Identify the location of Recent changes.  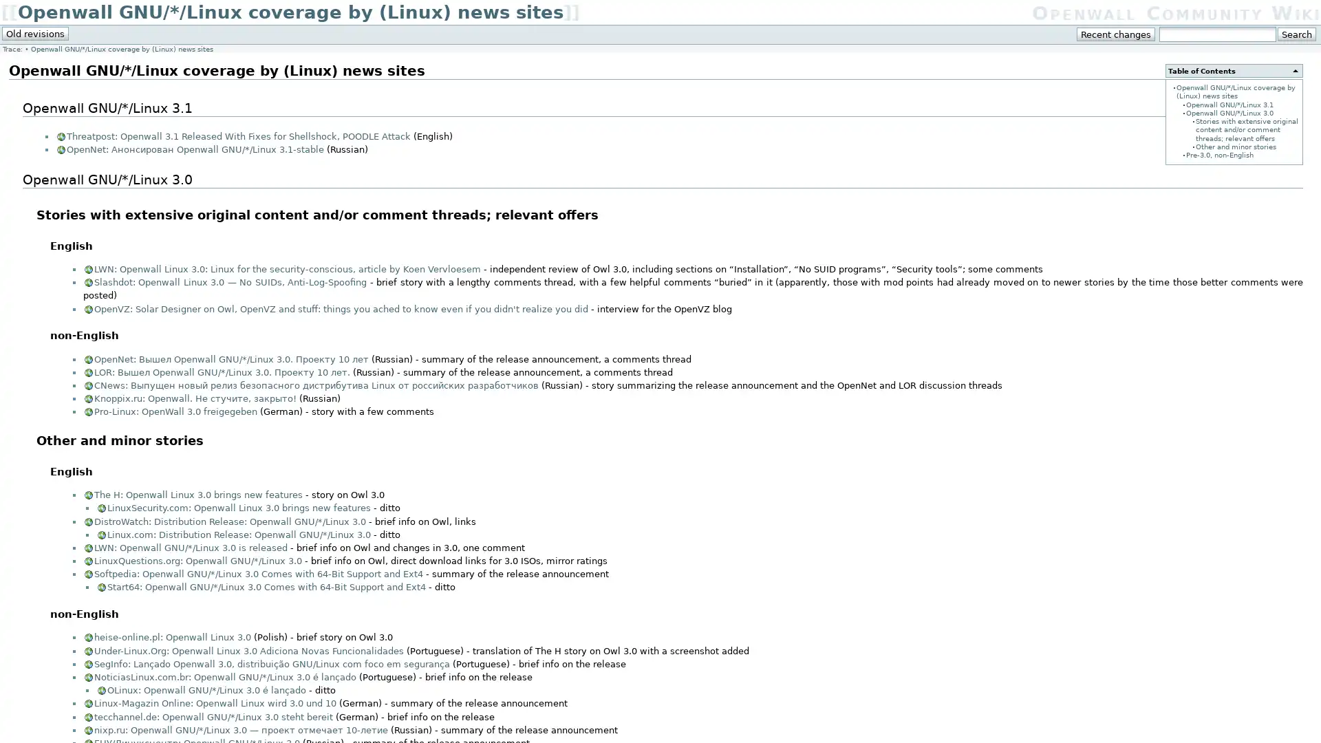
(1116, 34).